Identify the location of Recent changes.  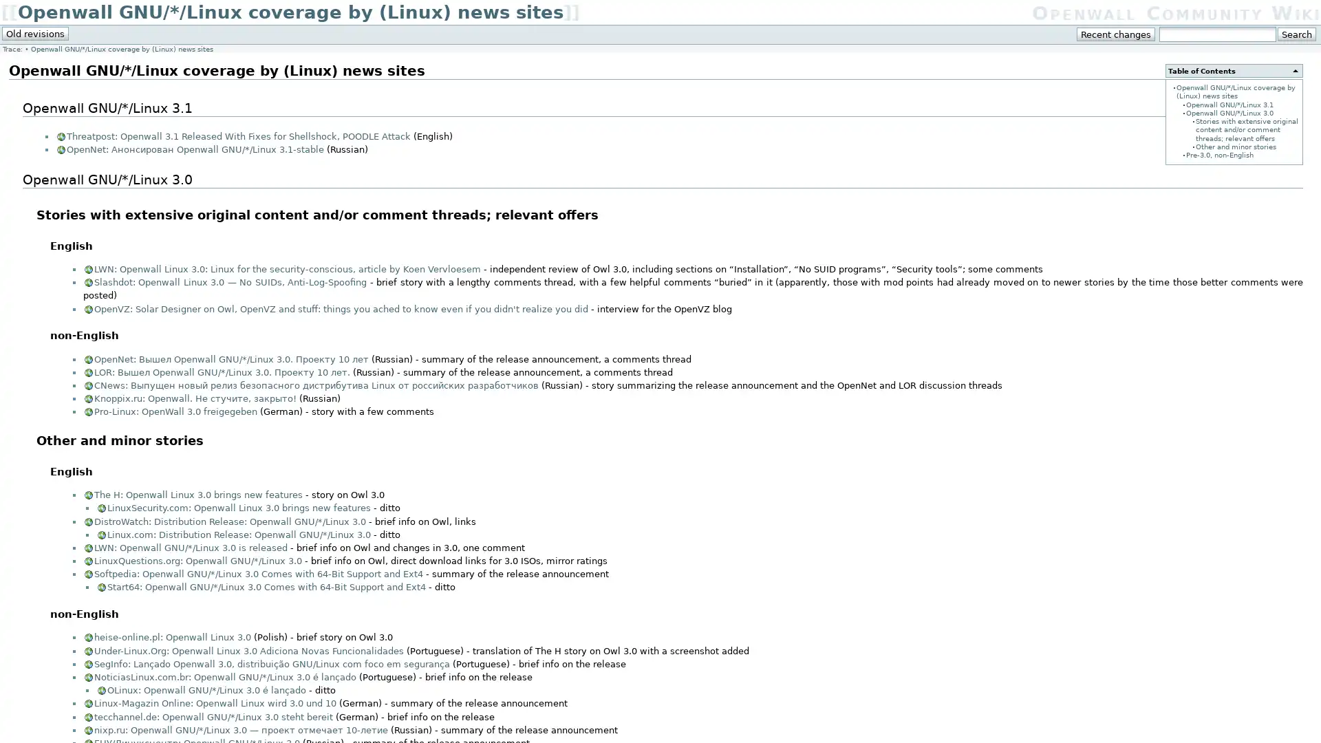
(1116, 34).